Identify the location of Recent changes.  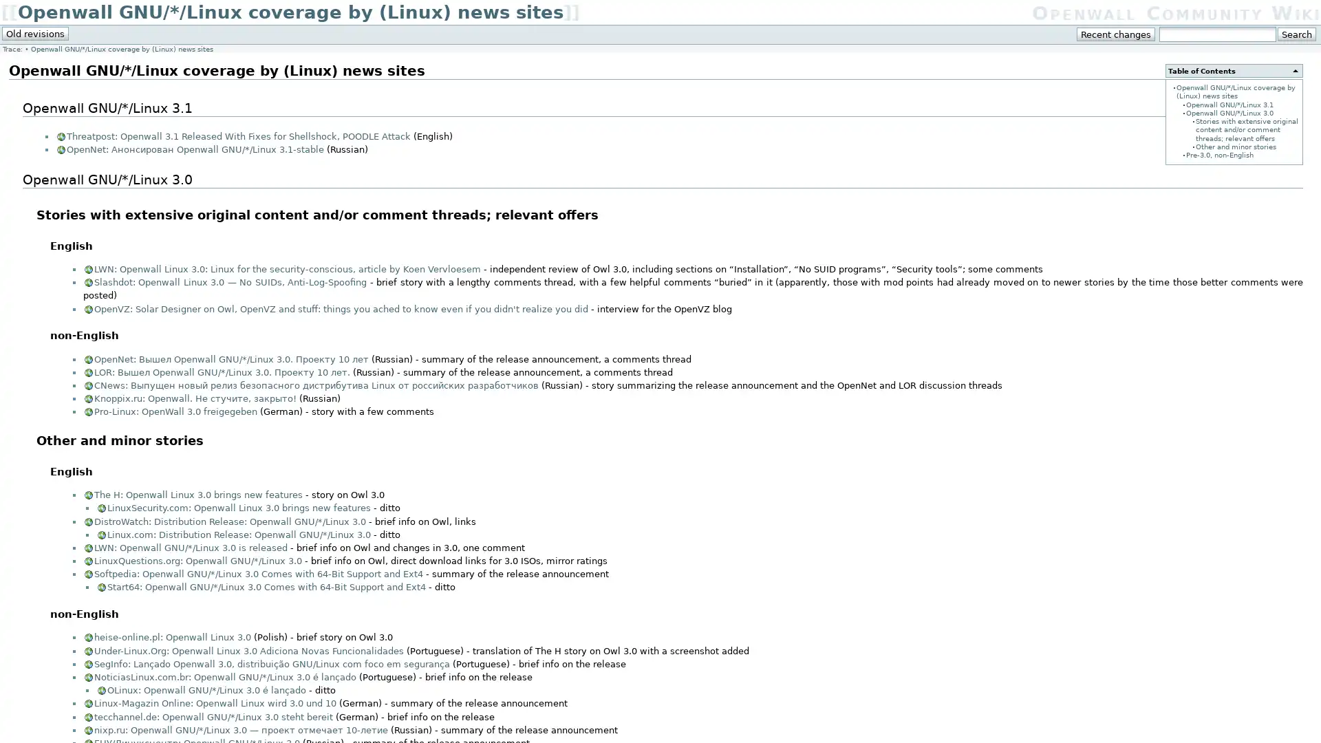
(1116, 34).